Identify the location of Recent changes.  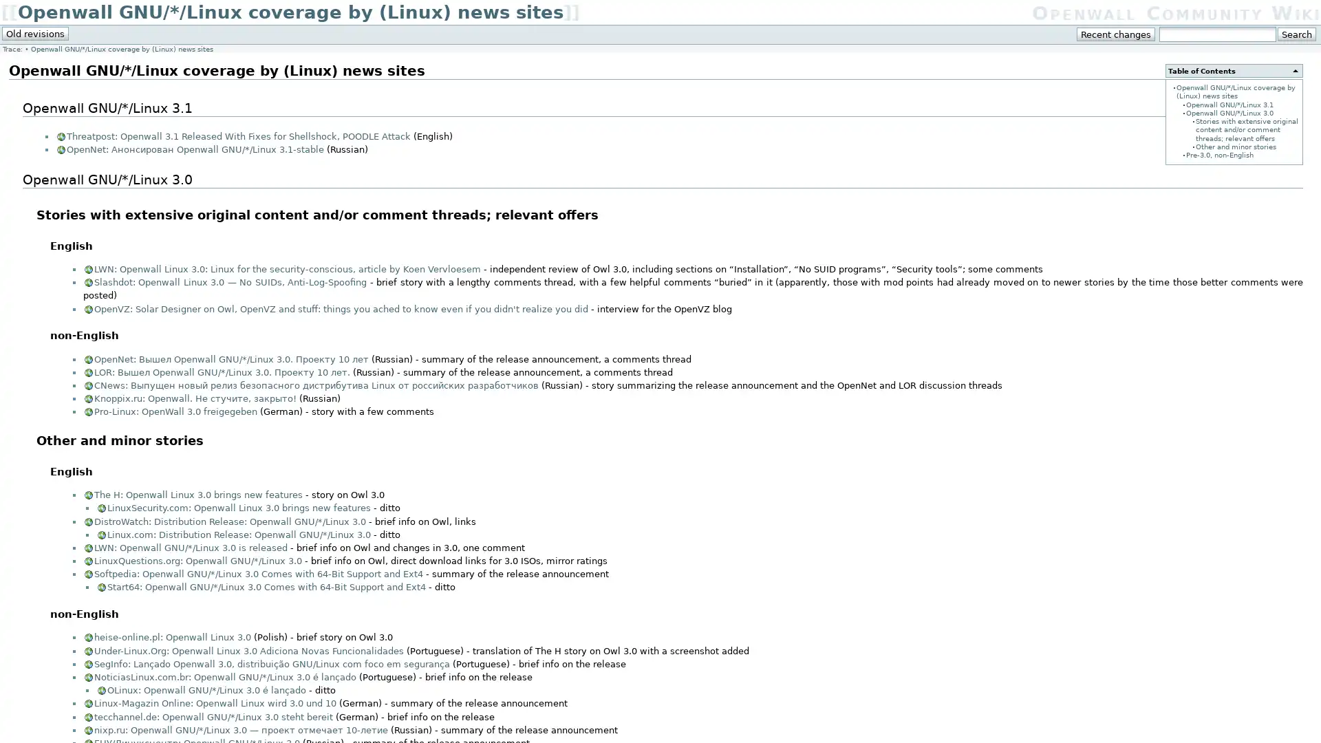
(1116, 34).